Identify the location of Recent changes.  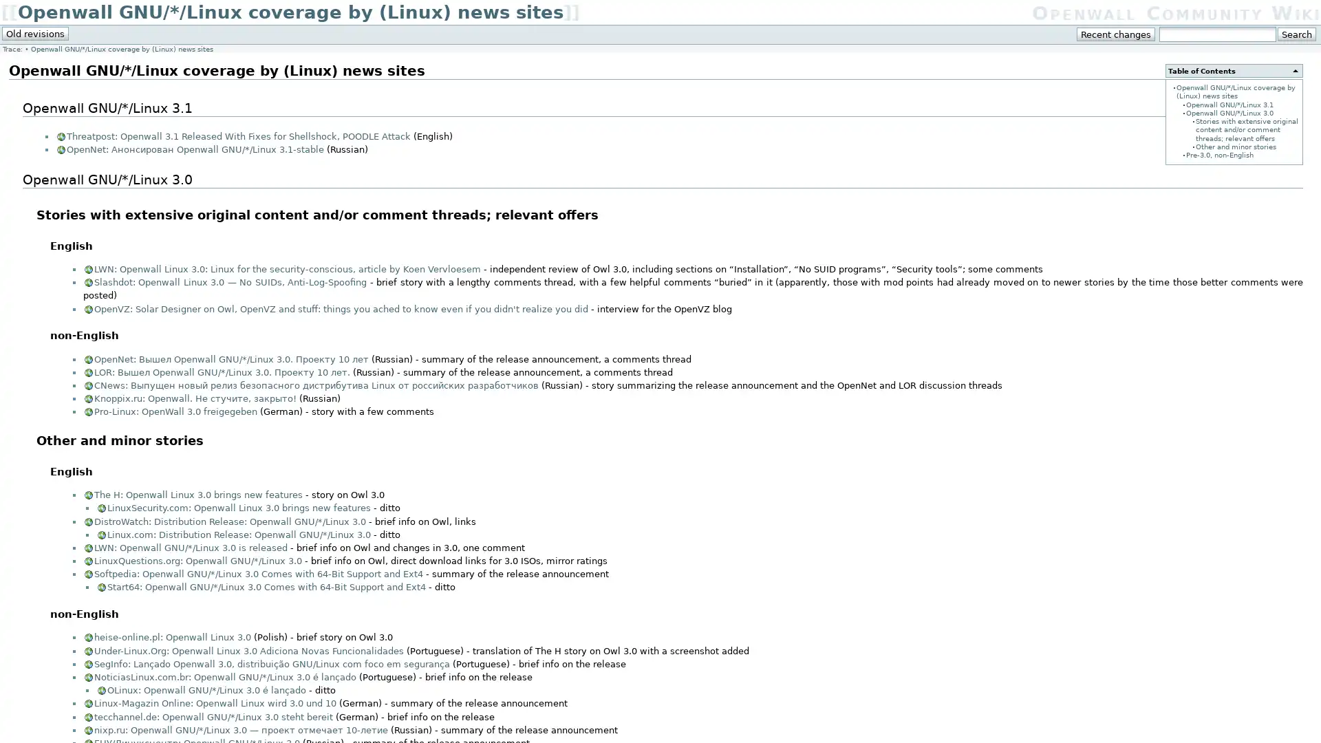
(1116, 34).